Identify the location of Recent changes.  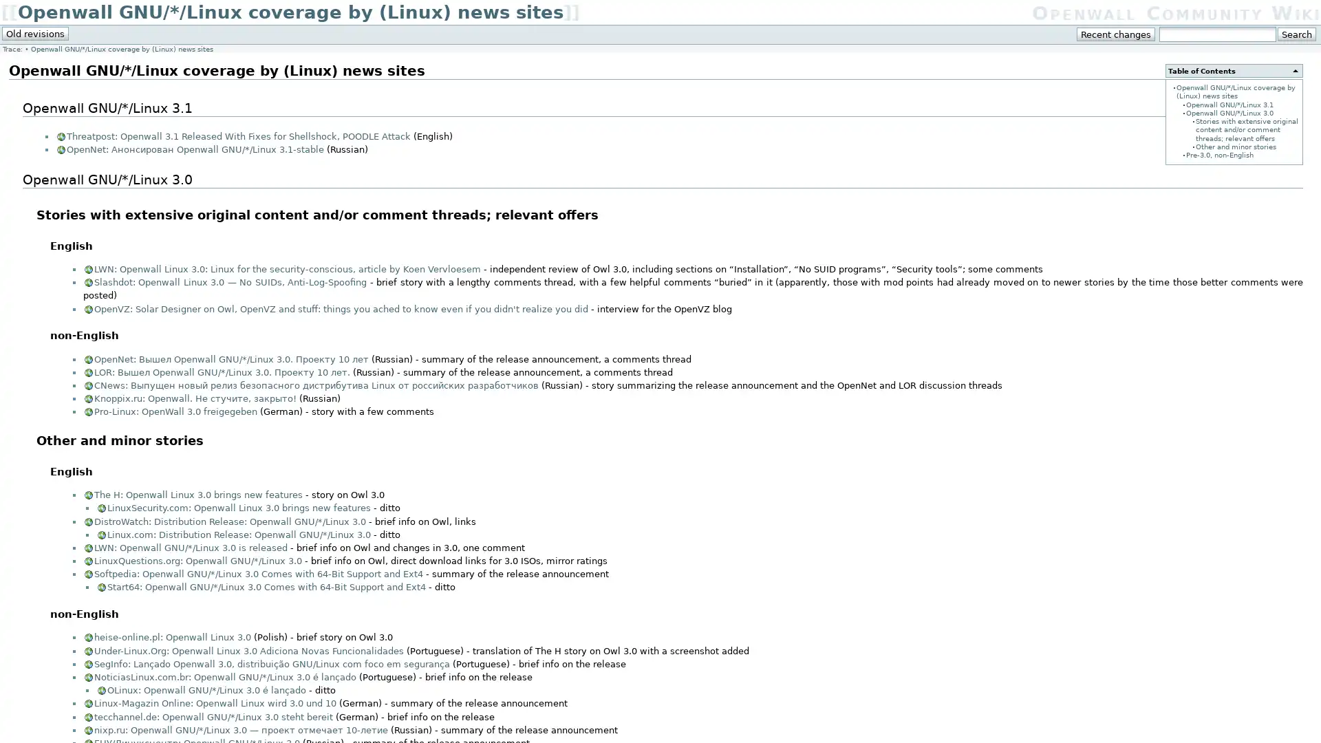
(1116, 34).